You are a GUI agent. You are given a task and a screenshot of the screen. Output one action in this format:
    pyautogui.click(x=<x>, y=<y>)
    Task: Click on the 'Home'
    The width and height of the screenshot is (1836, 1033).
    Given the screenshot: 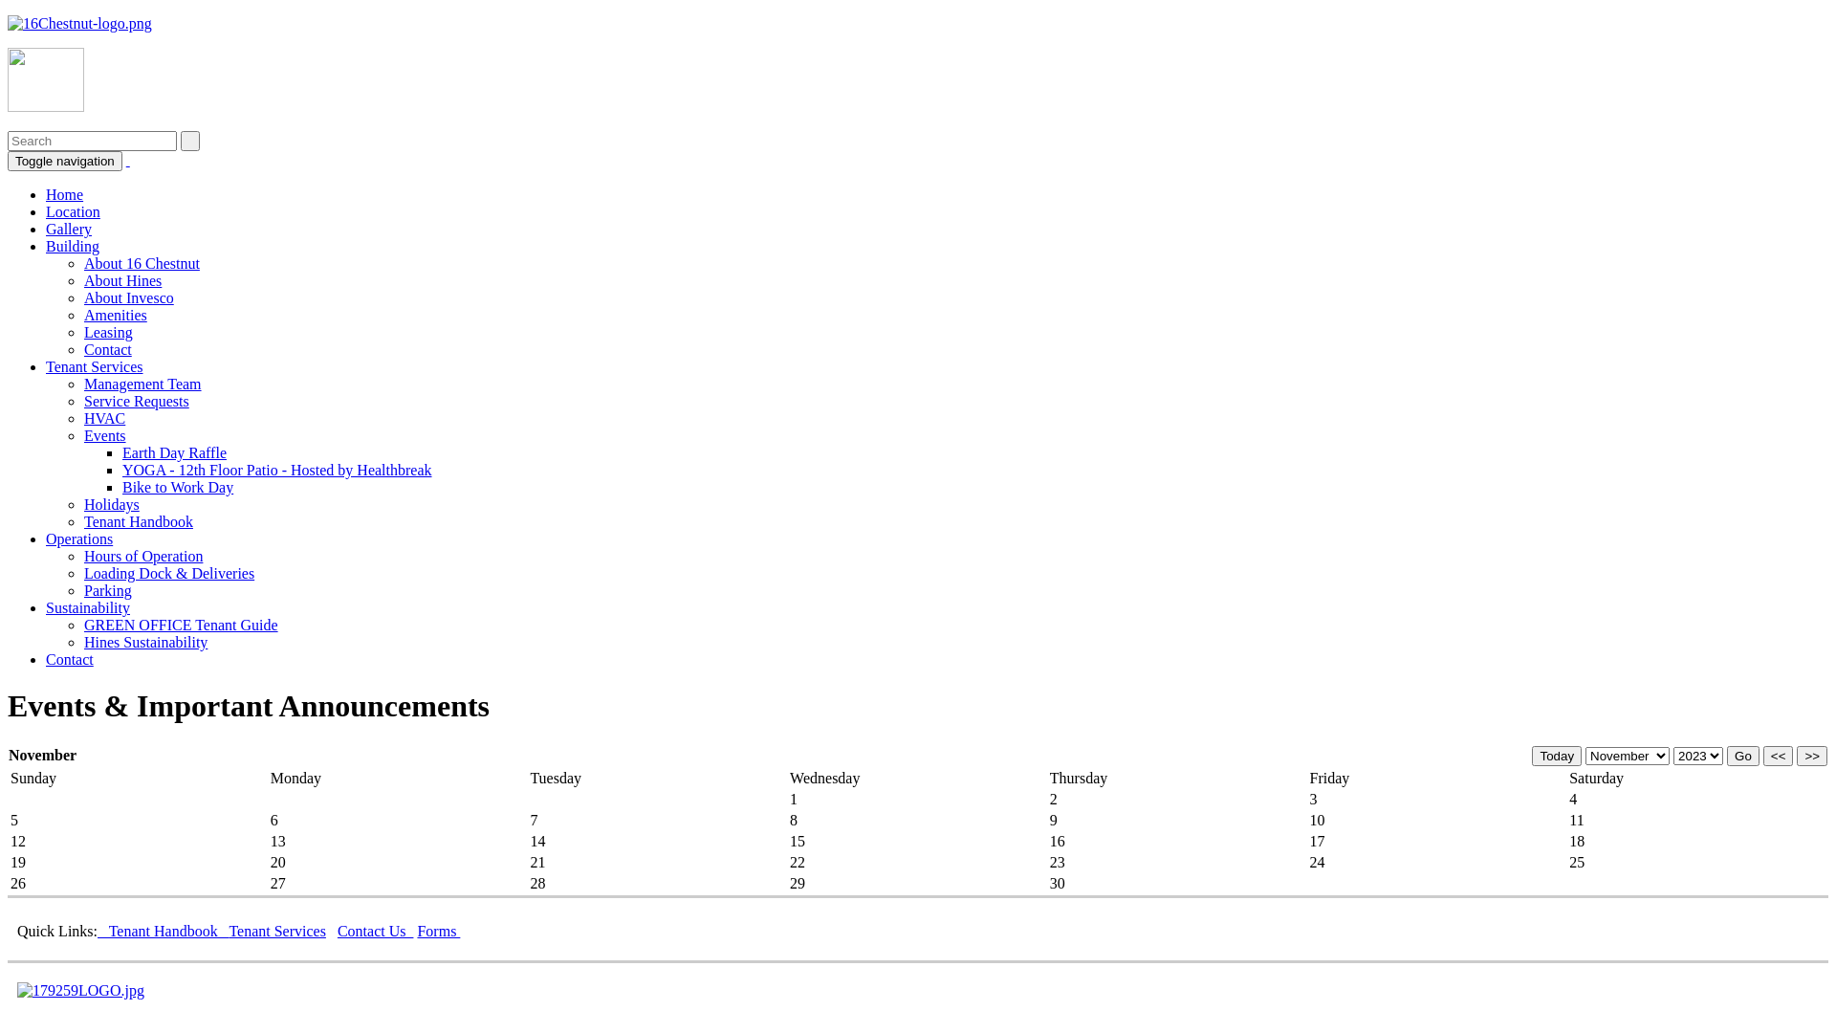 What is the action you would take?
    pyautogui.click(x=64, y=194)
    